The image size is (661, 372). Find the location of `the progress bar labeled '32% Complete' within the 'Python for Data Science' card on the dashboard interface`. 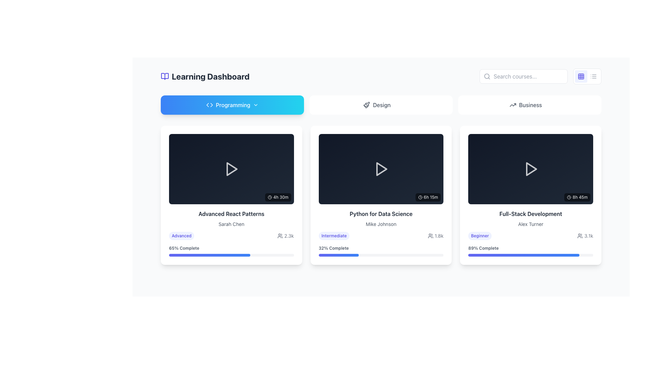

the progress bar labeled '32% Complete' within the 'Python for Data Science' card on the dashboard interface is located at coordinates (381, 250).